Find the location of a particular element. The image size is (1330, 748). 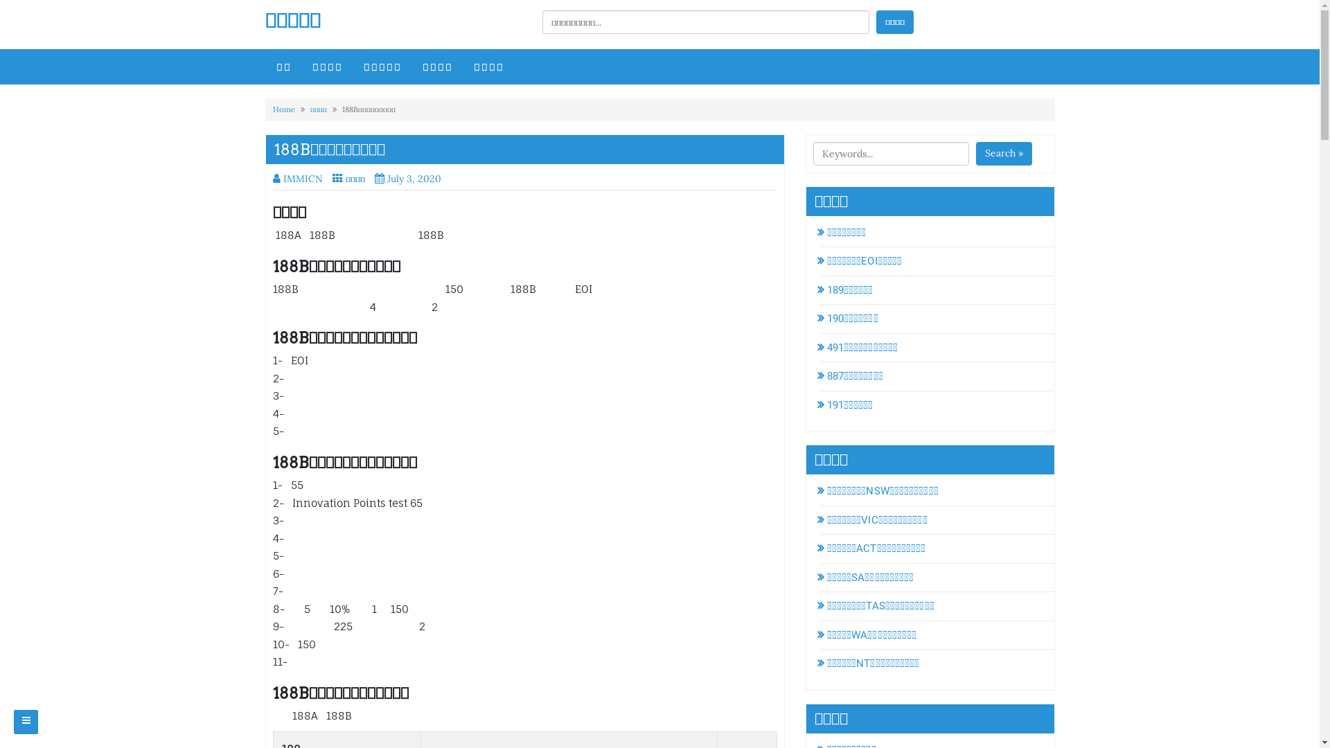

'Home' is located at coordinates (283, 109).